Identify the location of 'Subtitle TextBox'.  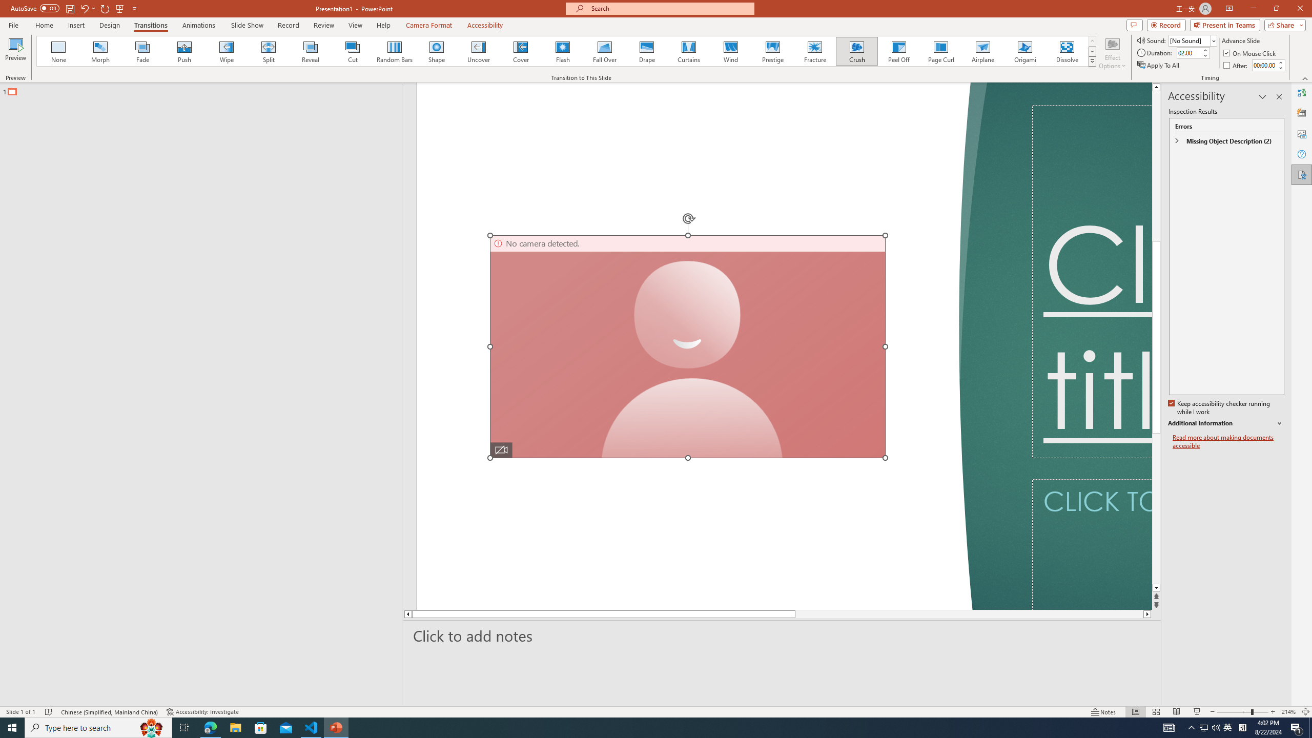
(1092, 544).